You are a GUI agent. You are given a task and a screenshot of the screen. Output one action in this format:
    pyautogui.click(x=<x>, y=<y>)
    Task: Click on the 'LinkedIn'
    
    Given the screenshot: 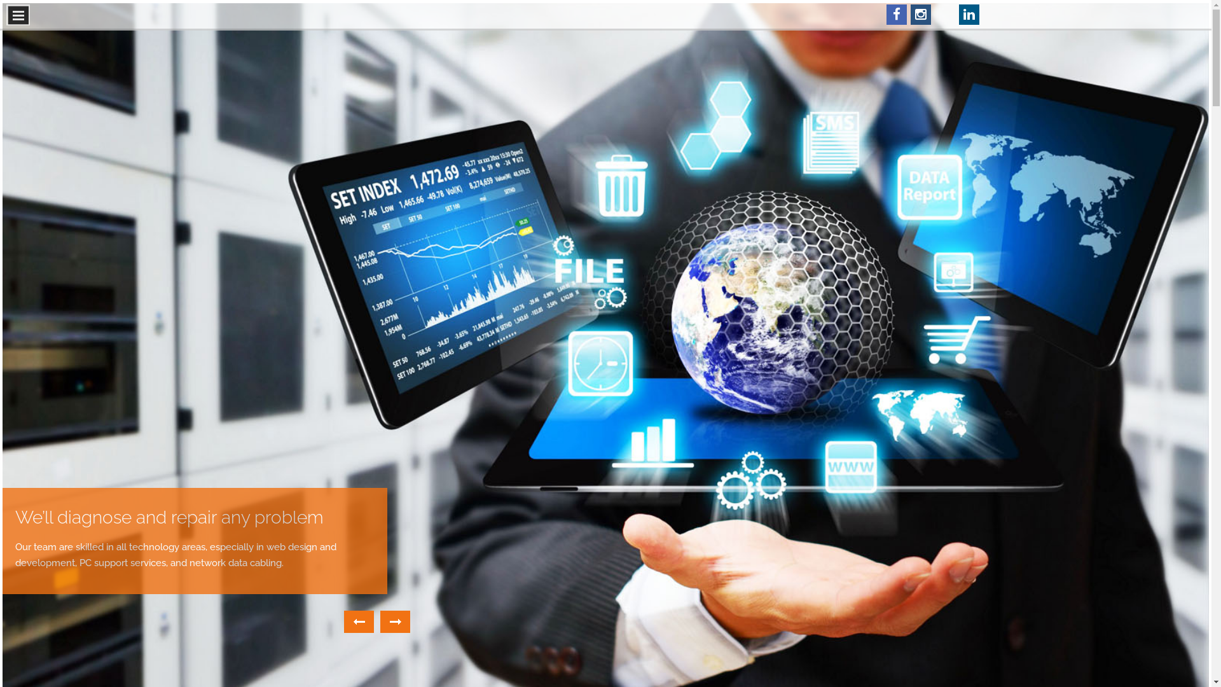 What is the action you would take?
    pyautogui.click(x=968, y=15)
    